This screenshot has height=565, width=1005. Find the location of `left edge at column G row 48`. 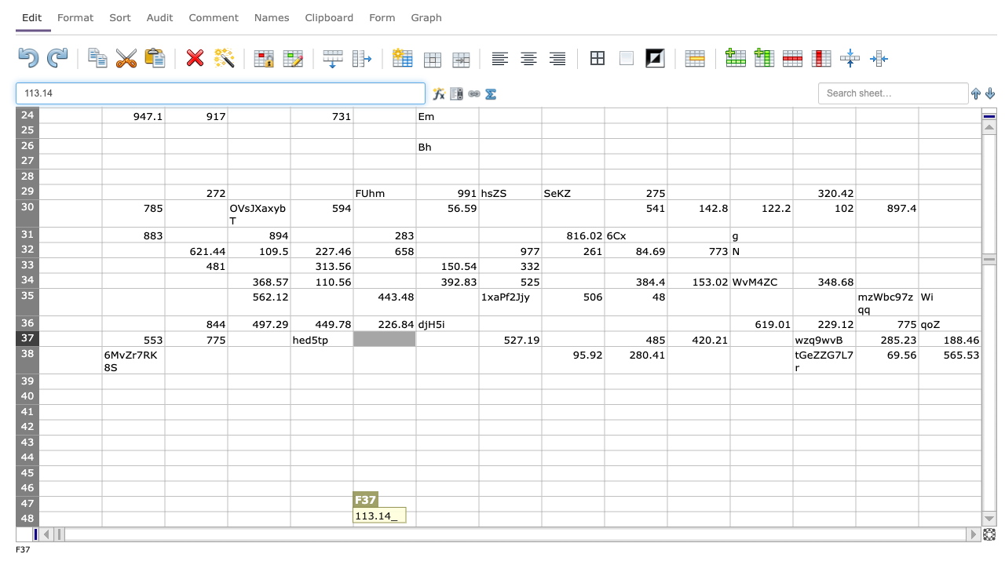

left edge at column G row 48 is located at coordinates (416, 519).